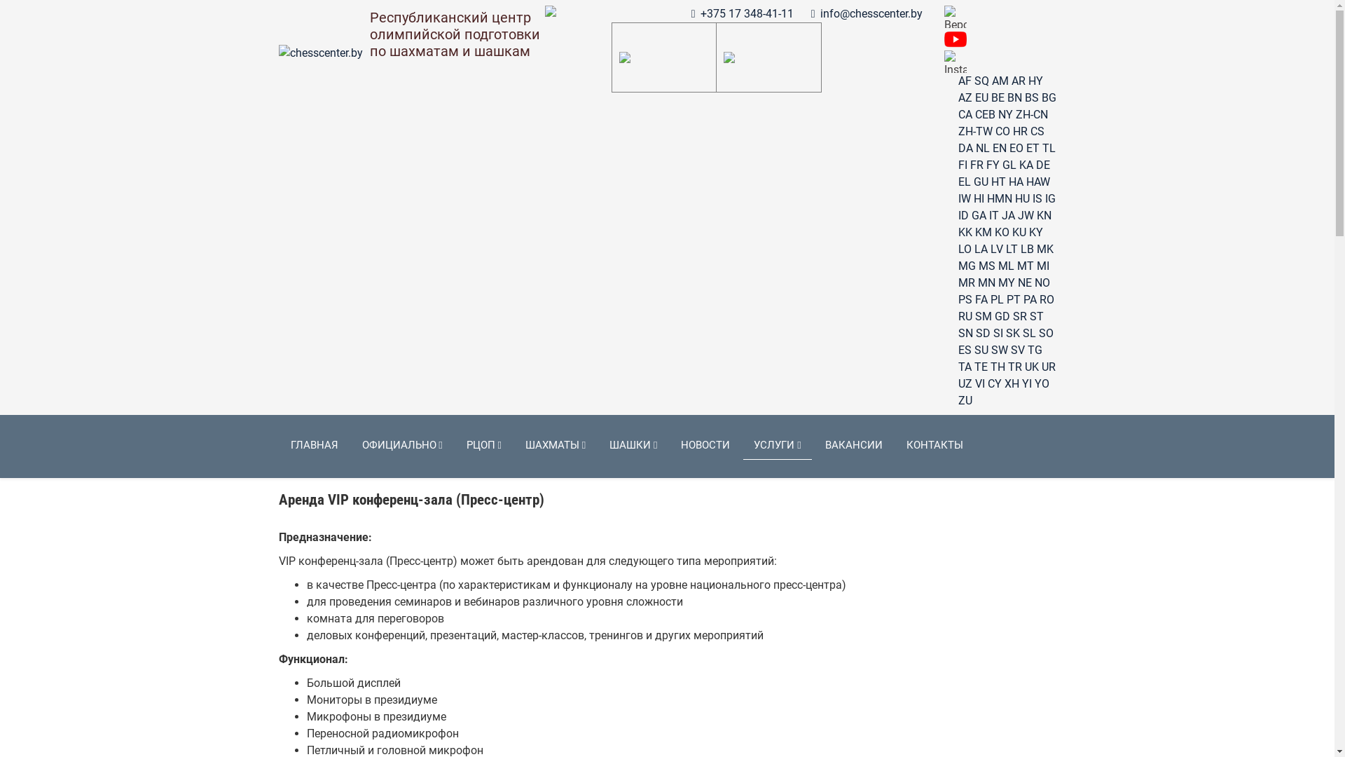 Image resolution: width=1345 pixels, height=757 pixels. I want to click on 'UK', so click(1024, 366).